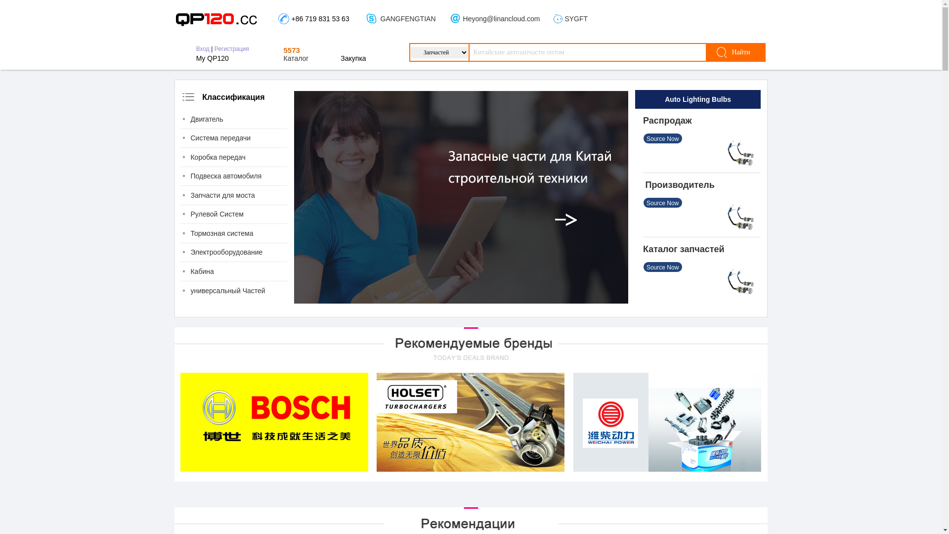  Describe the element at coordinates (501, 19) in the screenshot. I see `'Heyong@linancloud.com'` at that location.